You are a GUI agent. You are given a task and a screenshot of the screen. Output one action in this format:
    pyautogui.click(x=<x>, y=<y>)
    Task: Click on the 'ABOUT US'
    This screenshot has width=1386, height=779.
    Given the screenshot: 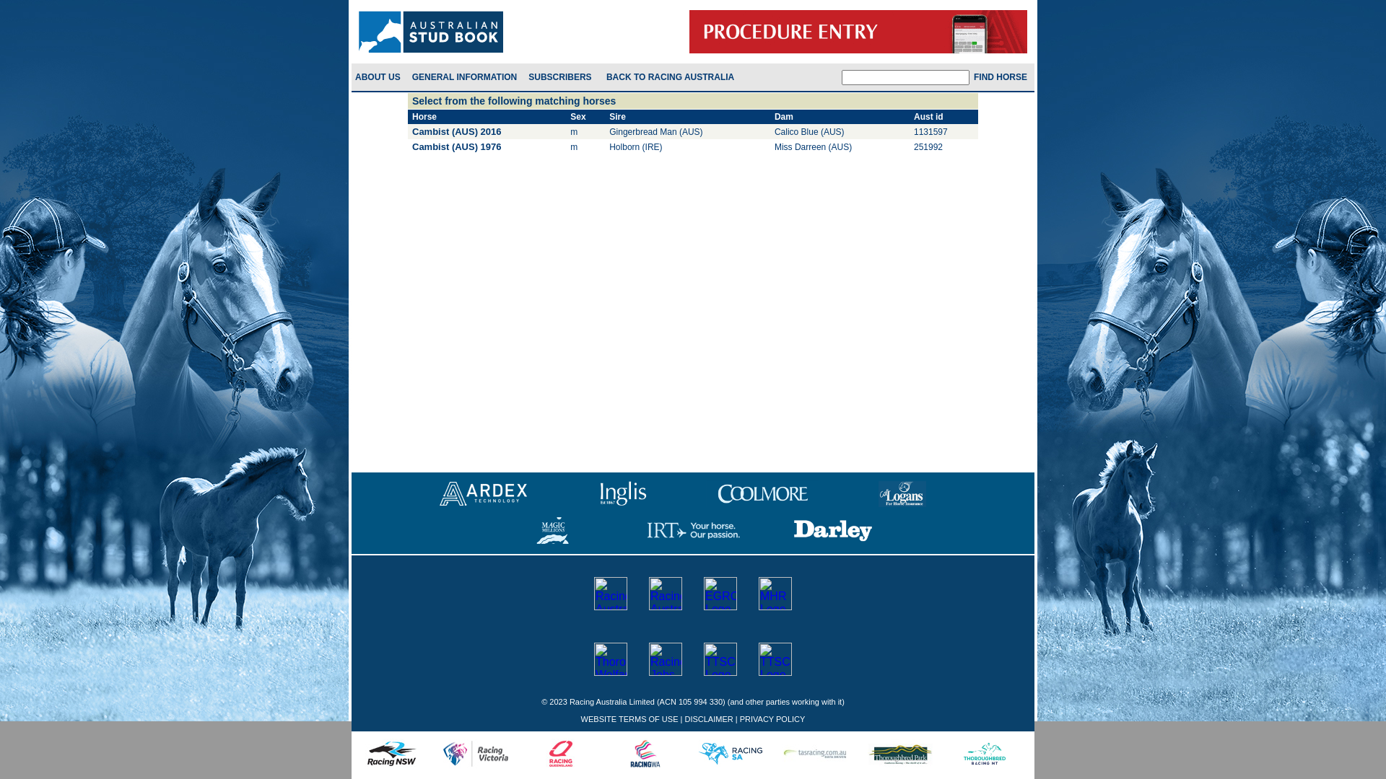 What is the action you would take?
    pyautogui.click(x=378, y=77)
    